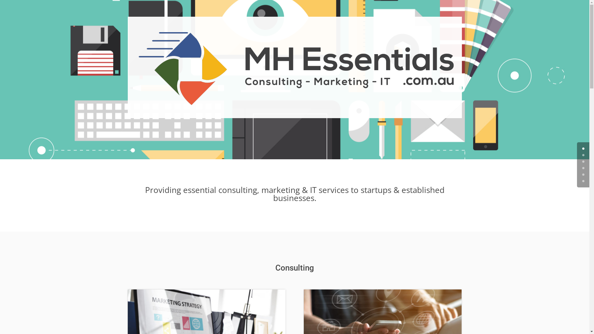  Describe the element at coordinates (583, 155) in the screenshot. I see `'1'` at that location.